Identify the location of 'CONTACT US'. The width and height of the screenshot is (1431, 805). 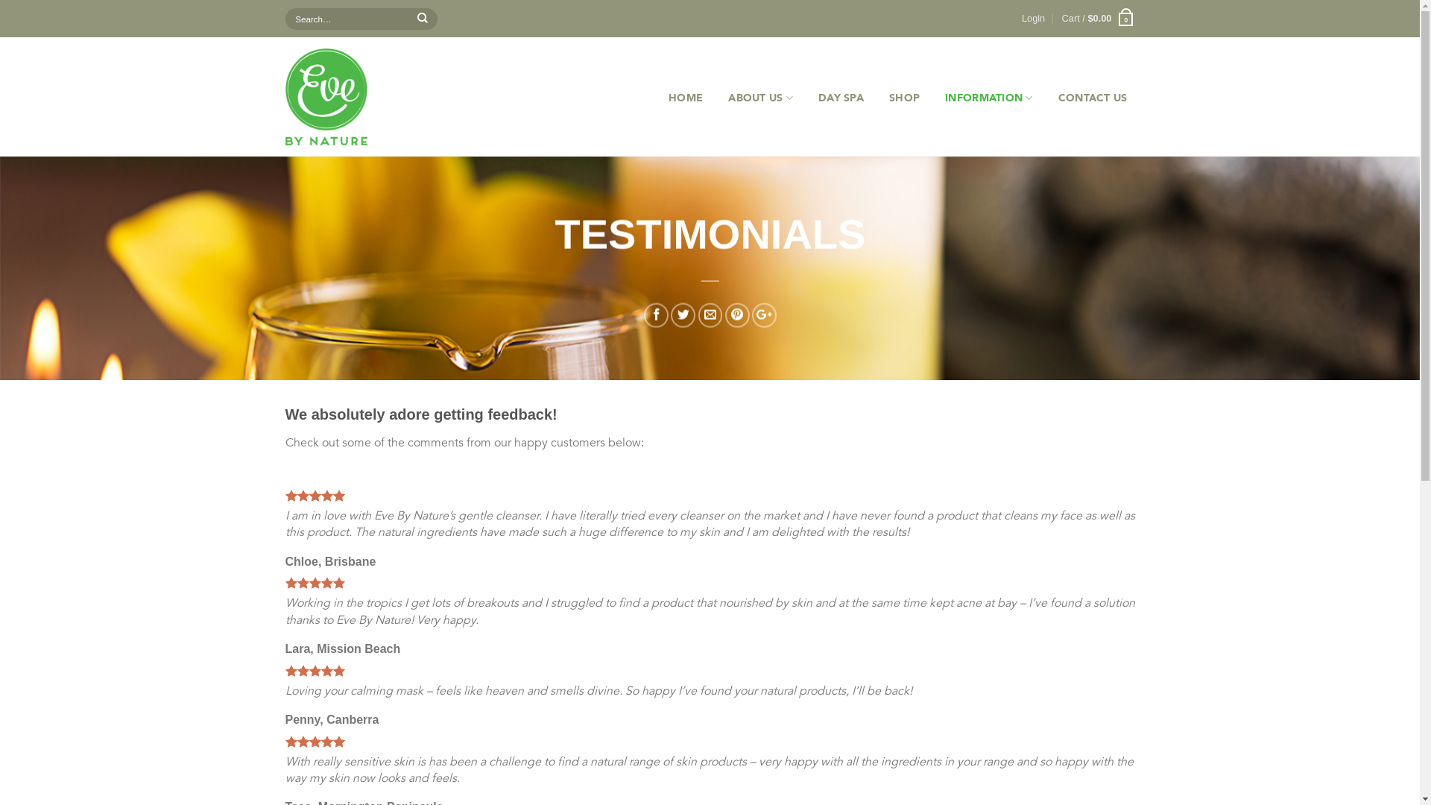
(1093, 98).